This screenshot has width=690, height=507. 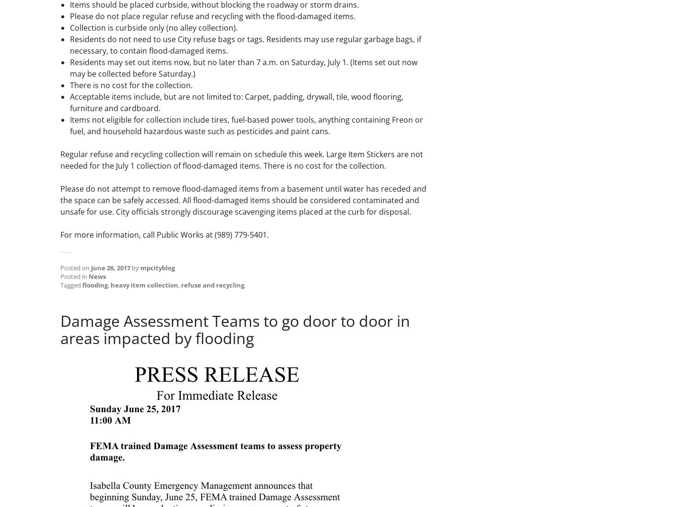 I want to click on 'Acceptable items include, but are not limited to: Carpet, padding, drywall, tile, wood flooring, furniture and cardboard.', so click(x=236, y=103).